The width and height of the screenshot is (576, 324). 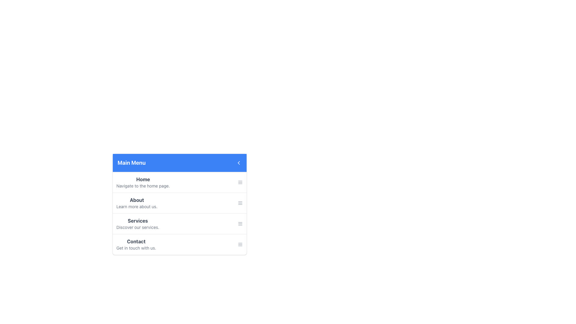 I want to click on the second row interactive menu item that provides navigation to the 'About' section, located between 'Home' and 'Services', so click(x=179, y=204).